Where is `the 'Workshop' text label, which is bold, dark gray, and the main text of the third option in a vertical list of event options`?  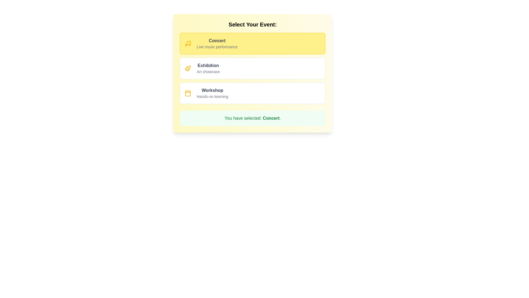
the 'Workshop' text label, which is bold, dark gray, and the main text of the third option in a vertical list of event options is located at coordinates (212, 90).